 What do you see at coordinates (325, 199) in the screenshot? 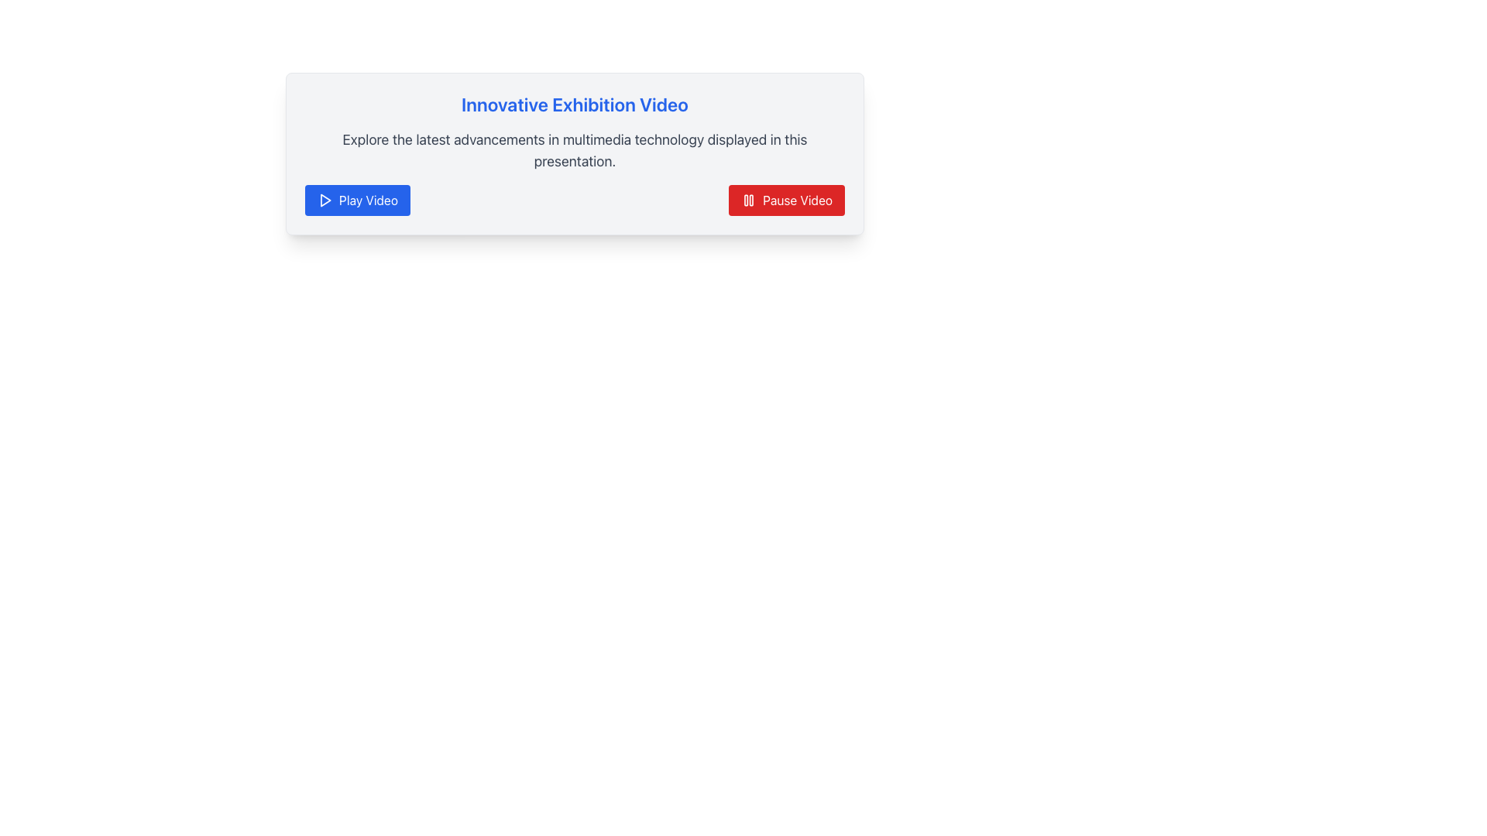
I see `the 'Play Video' button which contains the play icon located beneath the 'Innovative Exhibition Video' text` at bounding box center [325, 199].